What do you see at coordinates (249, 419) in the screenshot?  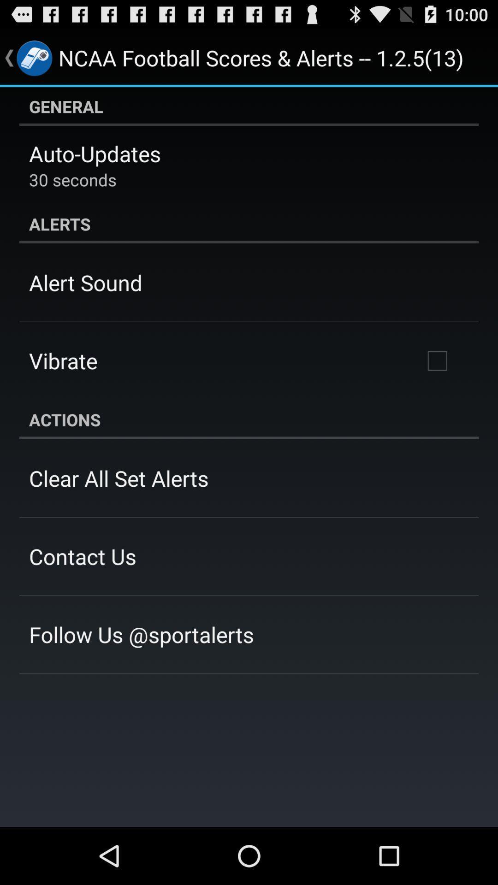 I see `the actions app` at bounding box center [249, 419].